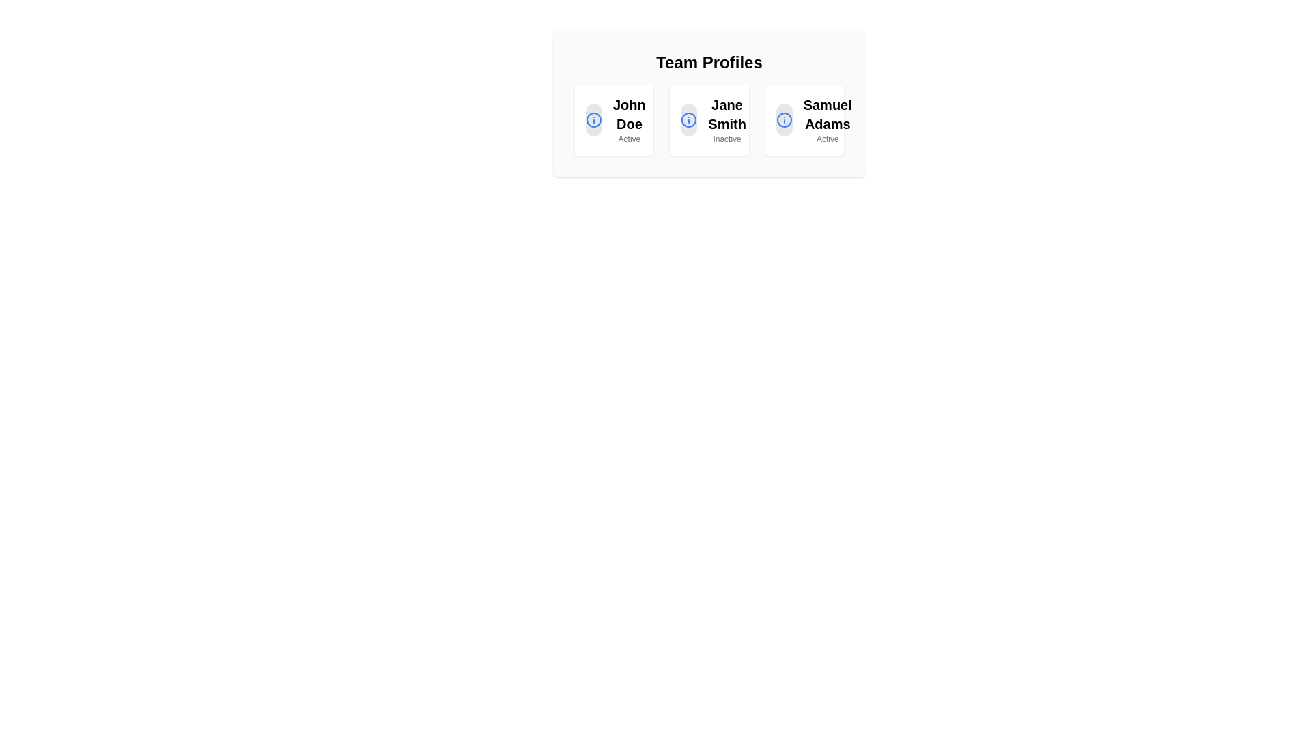  Describe the element at coordinates (628, 119) in the screenshot. I see `information displayed on the text label indicating the name and status ('Active') of the first team member in the 'Team Profiles' section, which is located to the right of a blue icon` at that location.